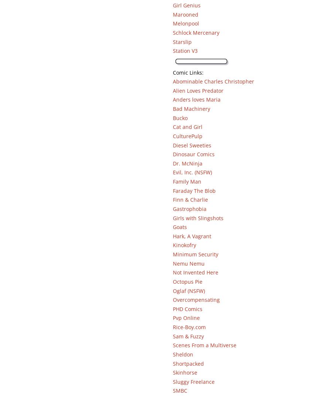 This screenshot has height=396, width=314. I want to click on 'Shortpacked', so click(172, 363).